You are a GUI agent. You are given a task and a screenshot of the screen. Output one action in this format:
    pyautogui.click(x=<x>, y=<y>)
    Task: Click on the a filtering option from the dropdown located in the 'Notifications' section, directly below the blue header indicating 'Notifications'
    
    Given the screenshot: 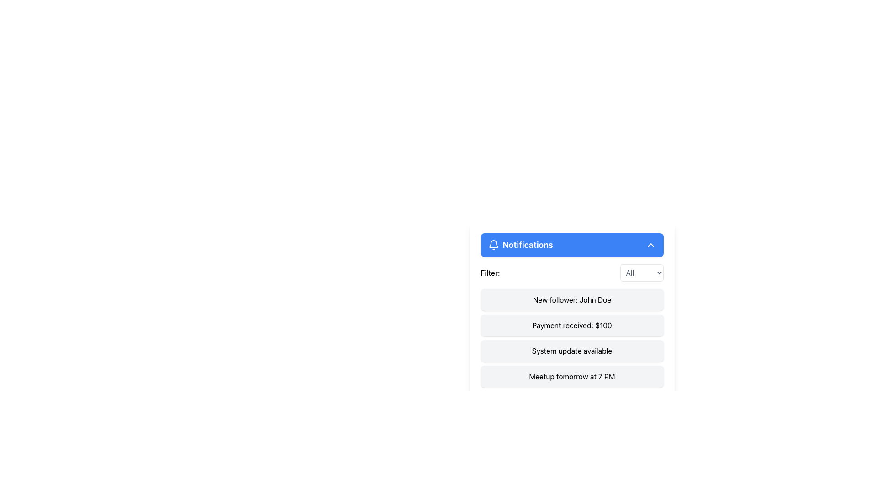 What is the action you would take?
    pyautogui.click(x=571, y=272)
    